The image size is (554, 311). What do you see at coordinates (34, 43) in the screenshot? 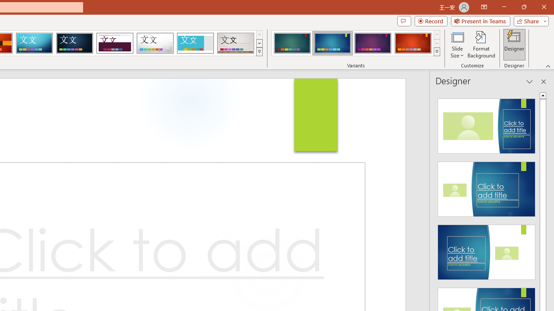
I see `'Circuit Loading Preview...'` at bounding box center [34, 43].